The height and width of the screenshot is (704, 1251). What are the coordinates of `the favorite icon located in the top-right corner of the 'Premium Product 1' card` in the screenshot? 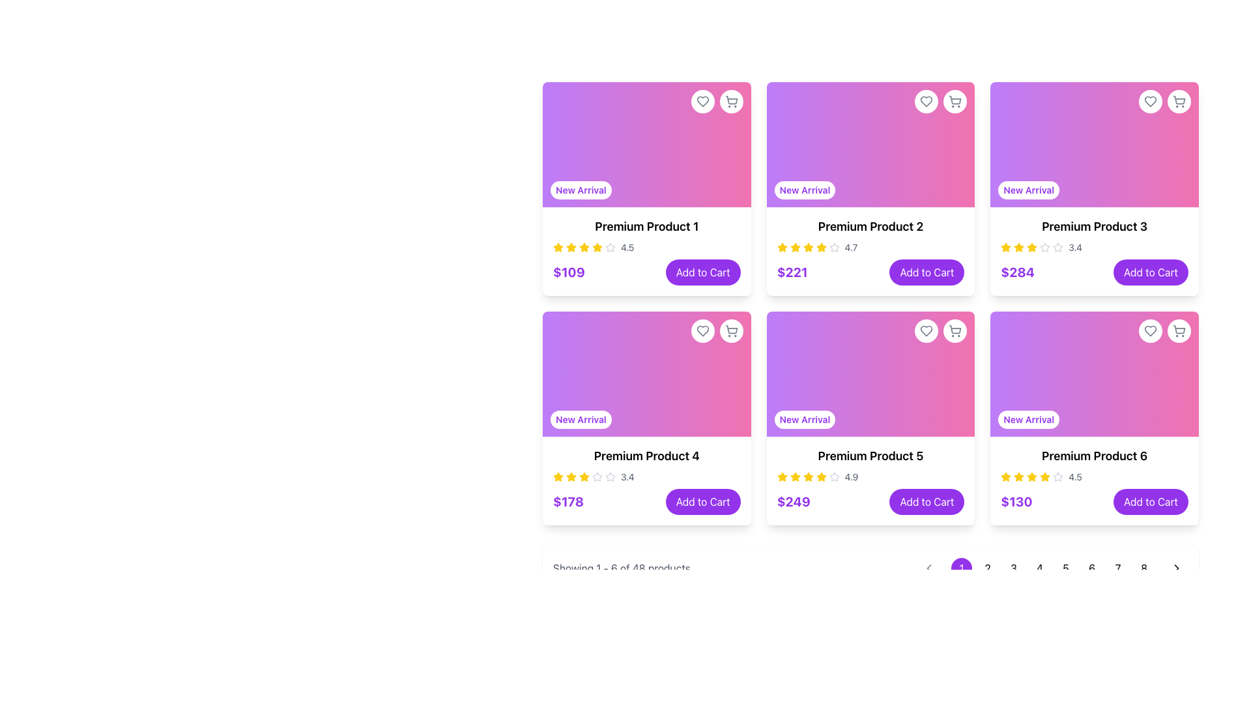 It's located at (702, 100).